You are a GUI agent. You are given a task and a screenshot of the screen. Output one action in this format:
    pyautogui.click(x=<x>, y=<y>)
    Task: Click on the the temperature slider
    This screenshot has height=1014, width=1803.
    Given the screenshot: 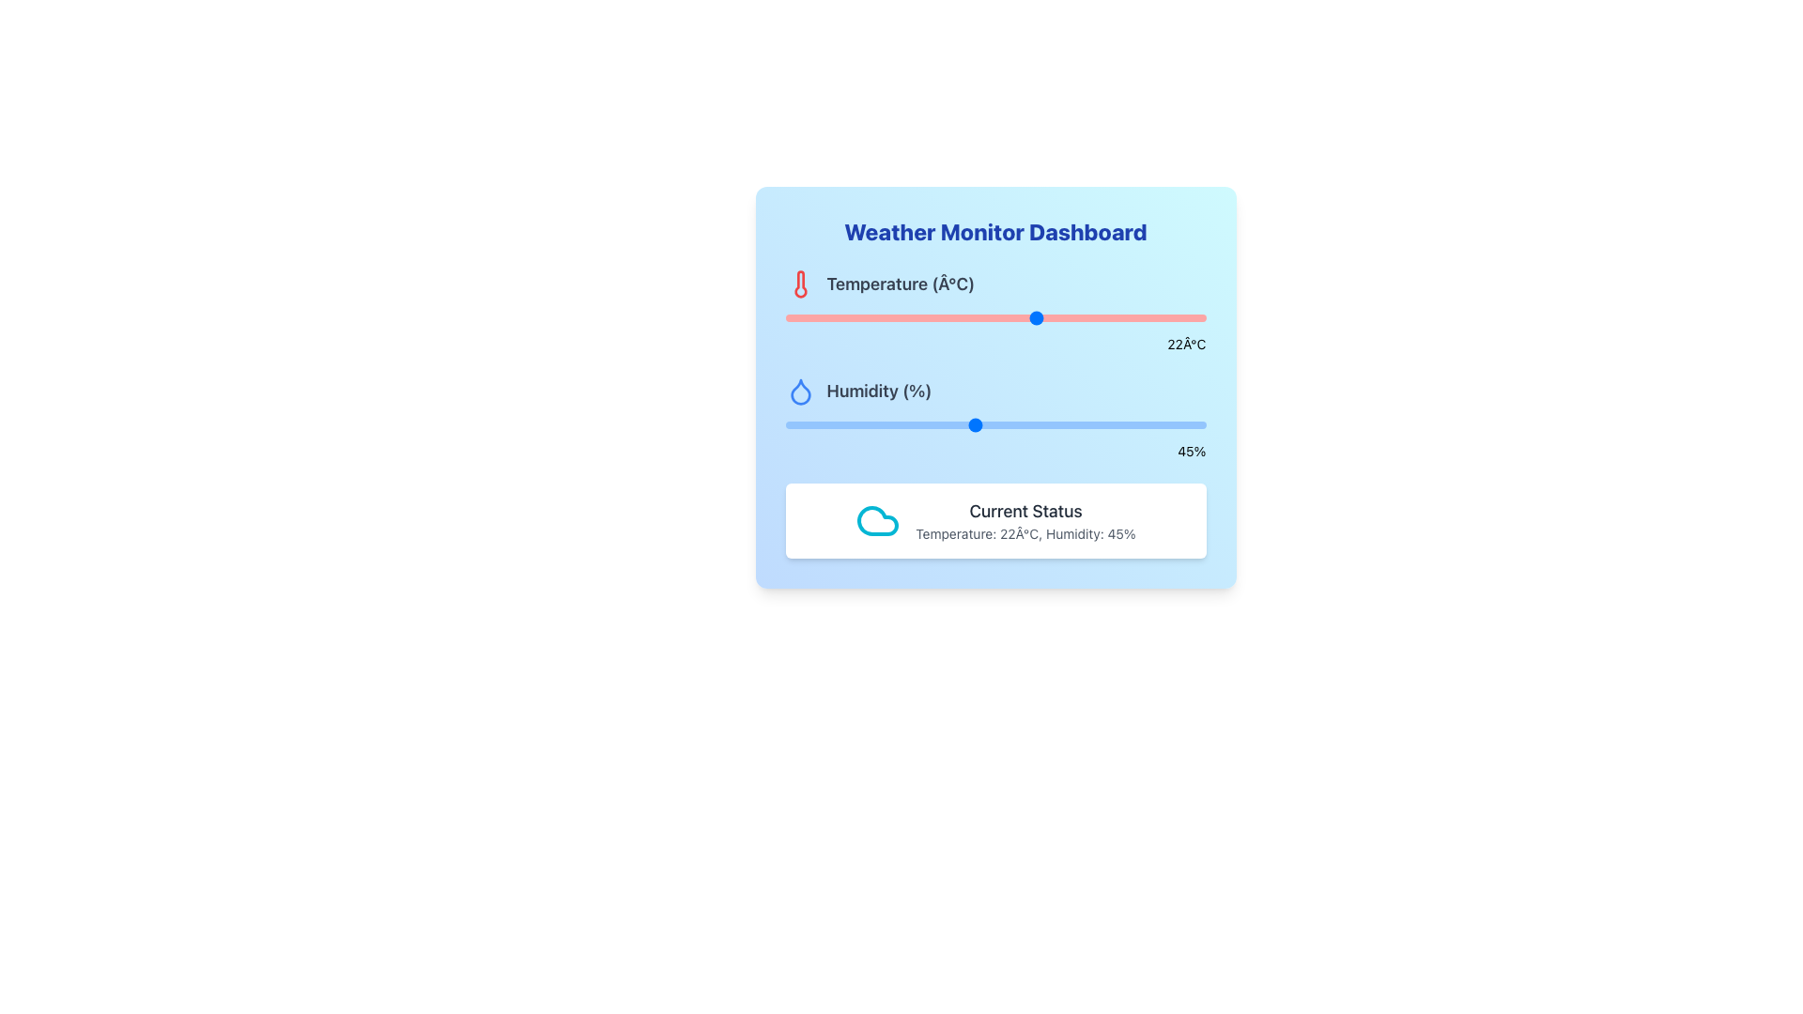 What is the action you would take?
    pyautogui.click(x=941, y=317)
    